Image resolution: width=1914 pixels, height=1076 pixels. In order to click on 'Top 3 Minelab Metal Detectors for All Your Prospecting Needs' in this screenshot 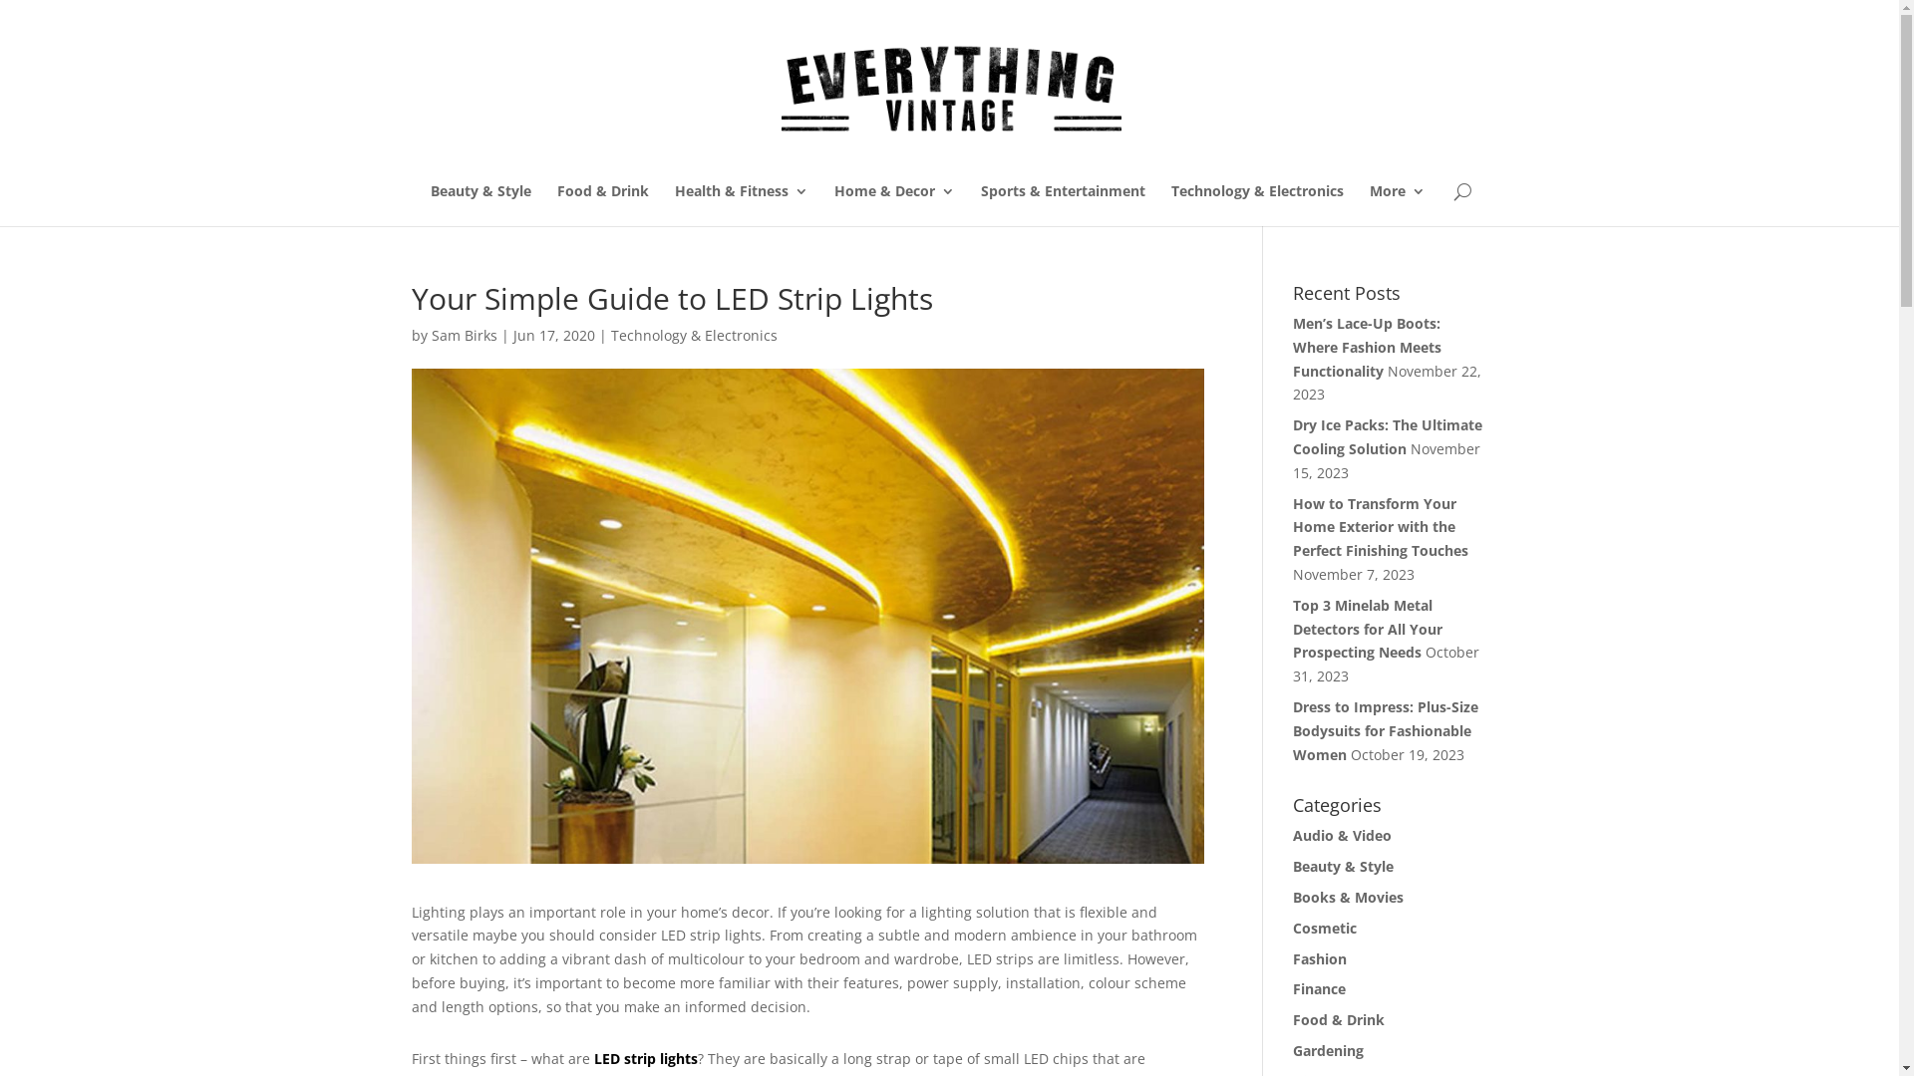, I will do `click(1367, 629)`.